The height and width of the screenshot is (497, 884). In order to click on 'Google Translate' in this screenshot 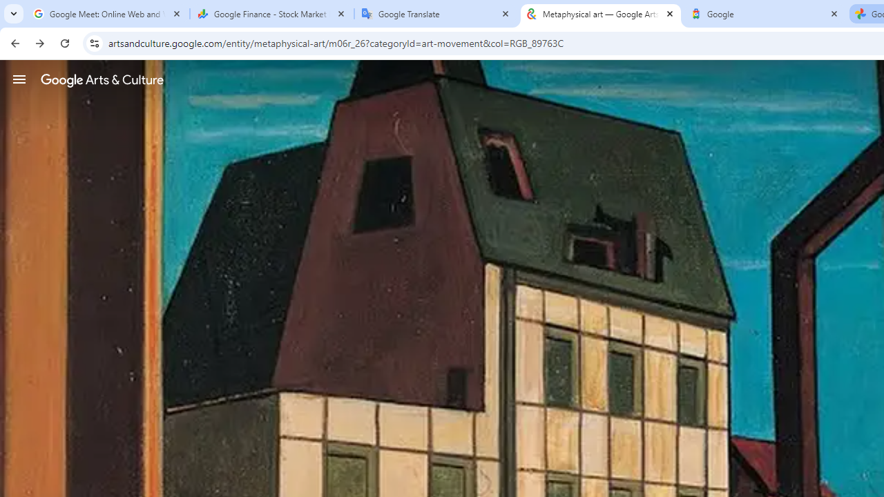, I will do `click(436, 14)`.